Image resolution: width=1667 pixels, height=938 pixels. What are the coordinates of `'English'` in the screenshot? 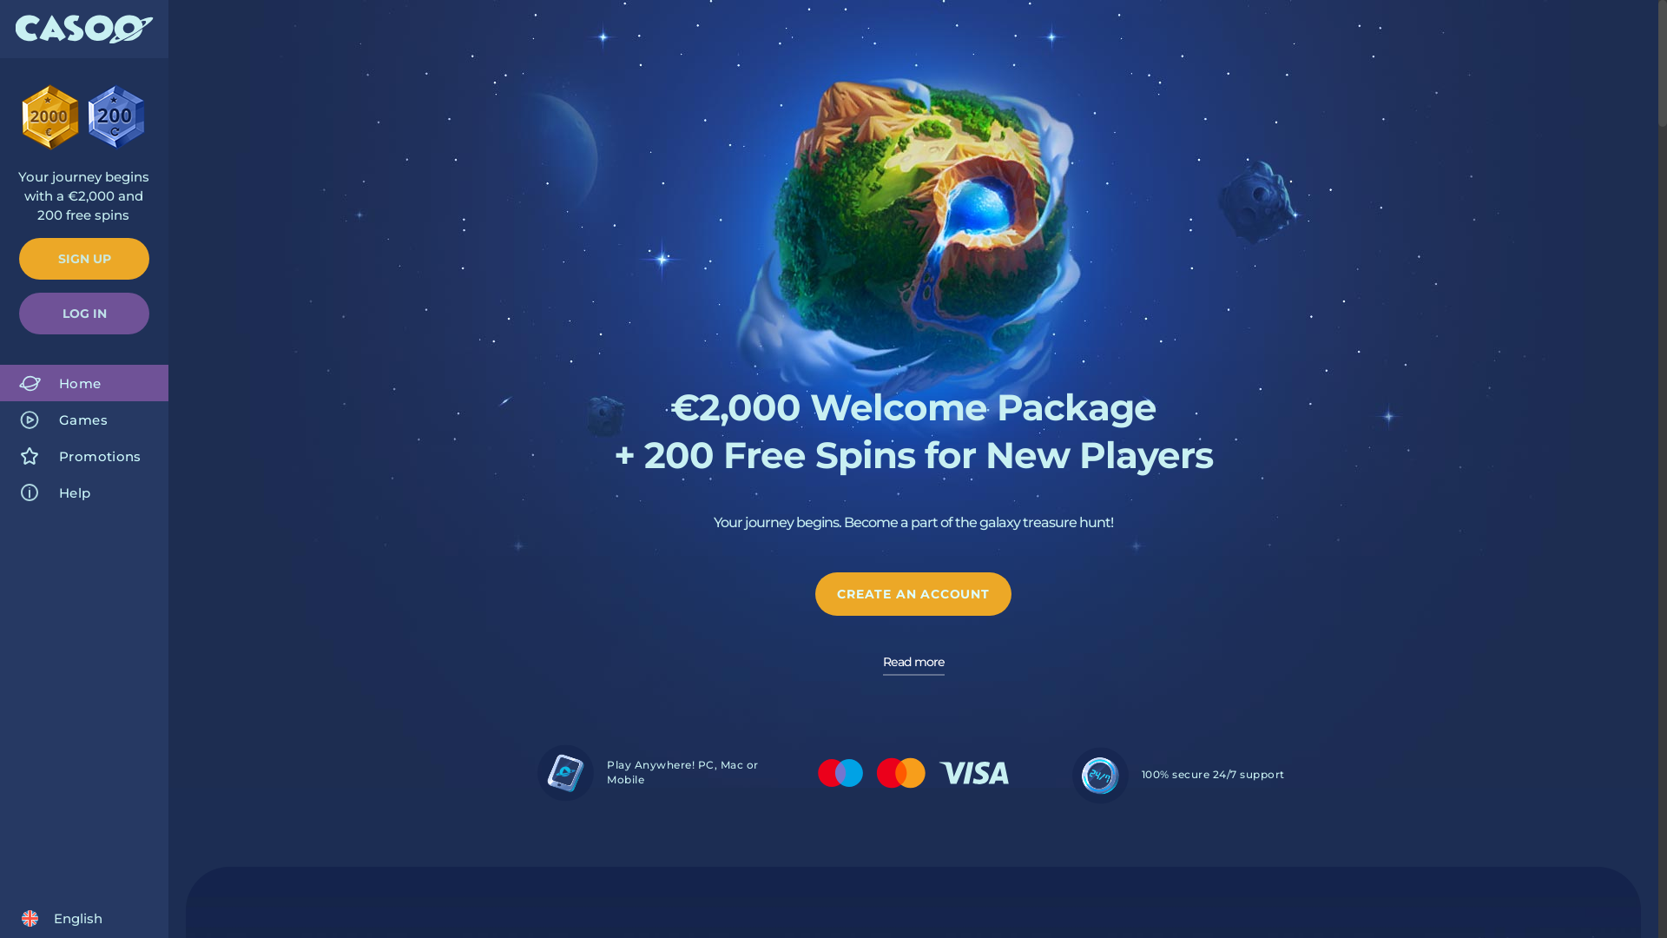 It's located at (61, 917).